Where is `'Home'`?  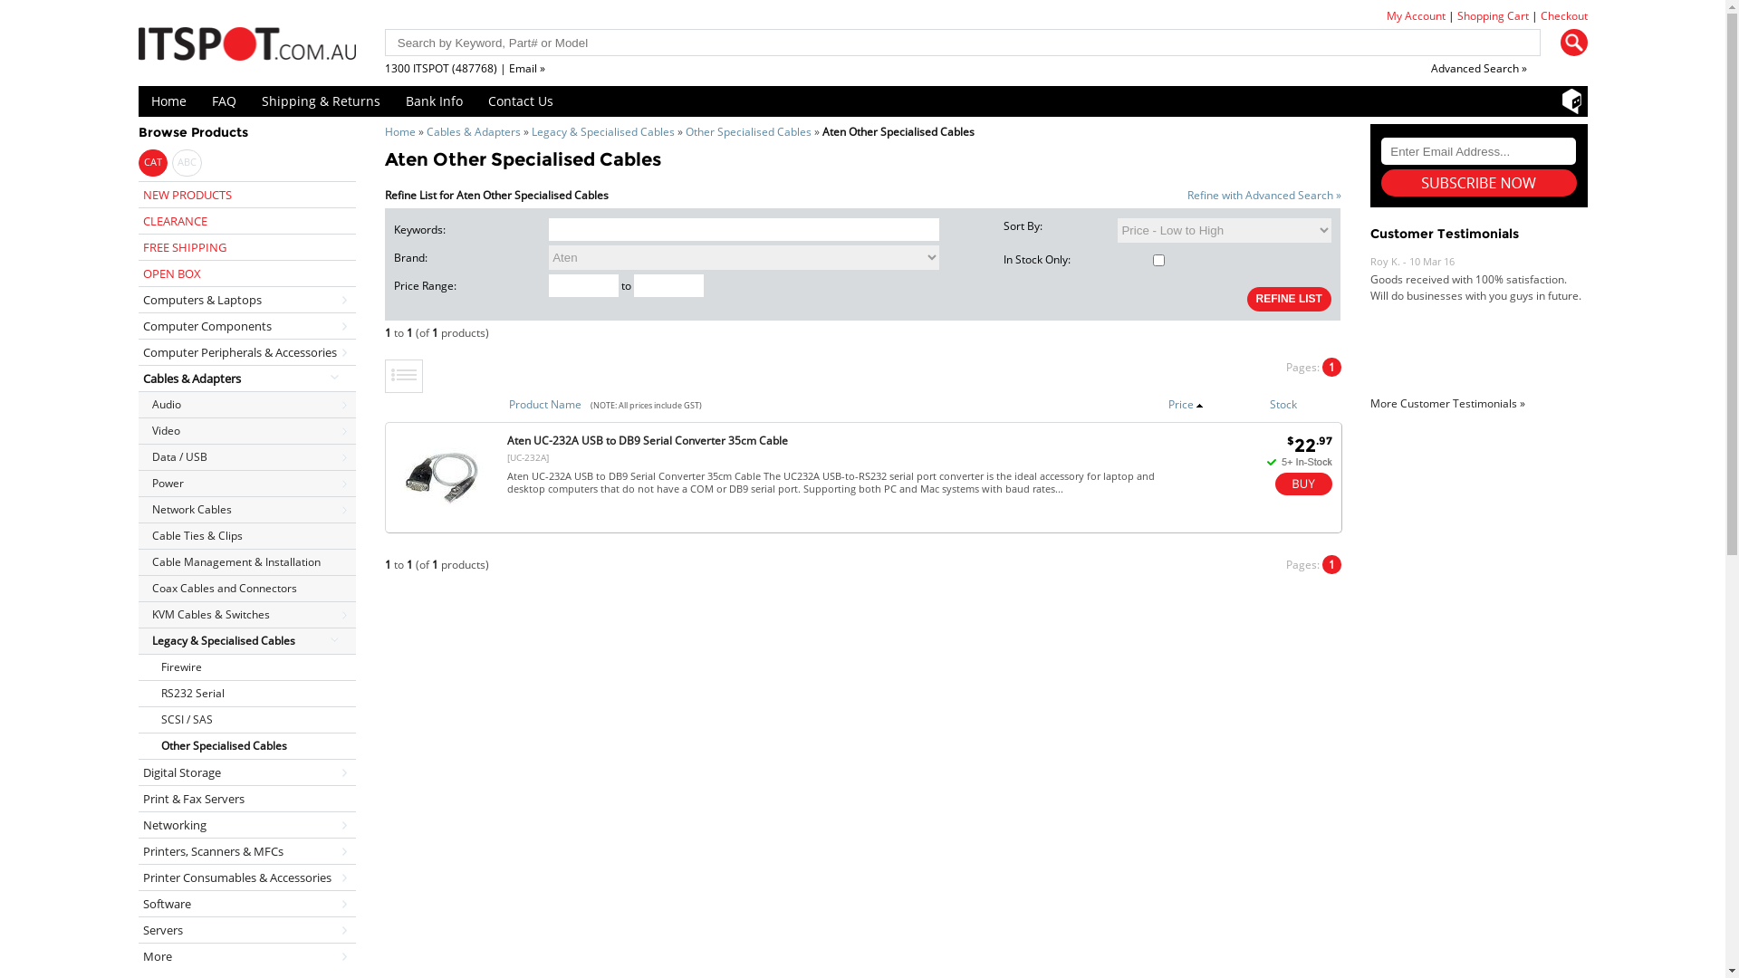 'Home' is located at coordinates (399, 130).